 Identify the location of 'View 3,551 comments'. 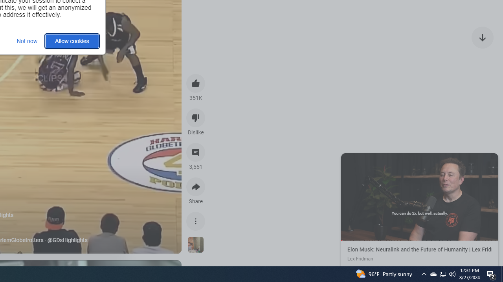
(196, 152).